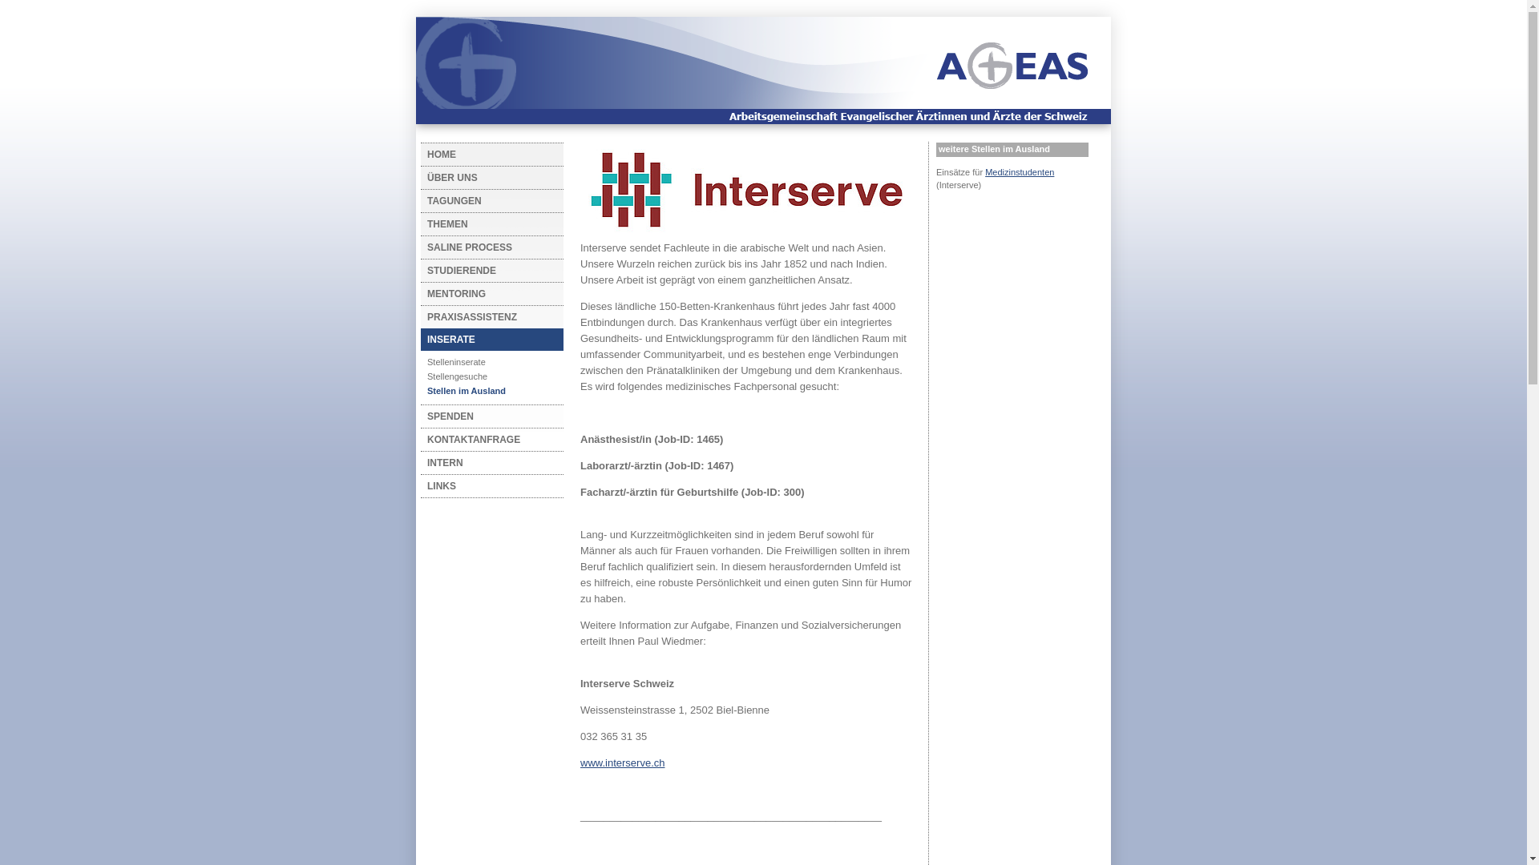 The height and width of the screenshot is (865, 1539). I want to click on 'KONTAKTANFRAGE', so click(486, 439).